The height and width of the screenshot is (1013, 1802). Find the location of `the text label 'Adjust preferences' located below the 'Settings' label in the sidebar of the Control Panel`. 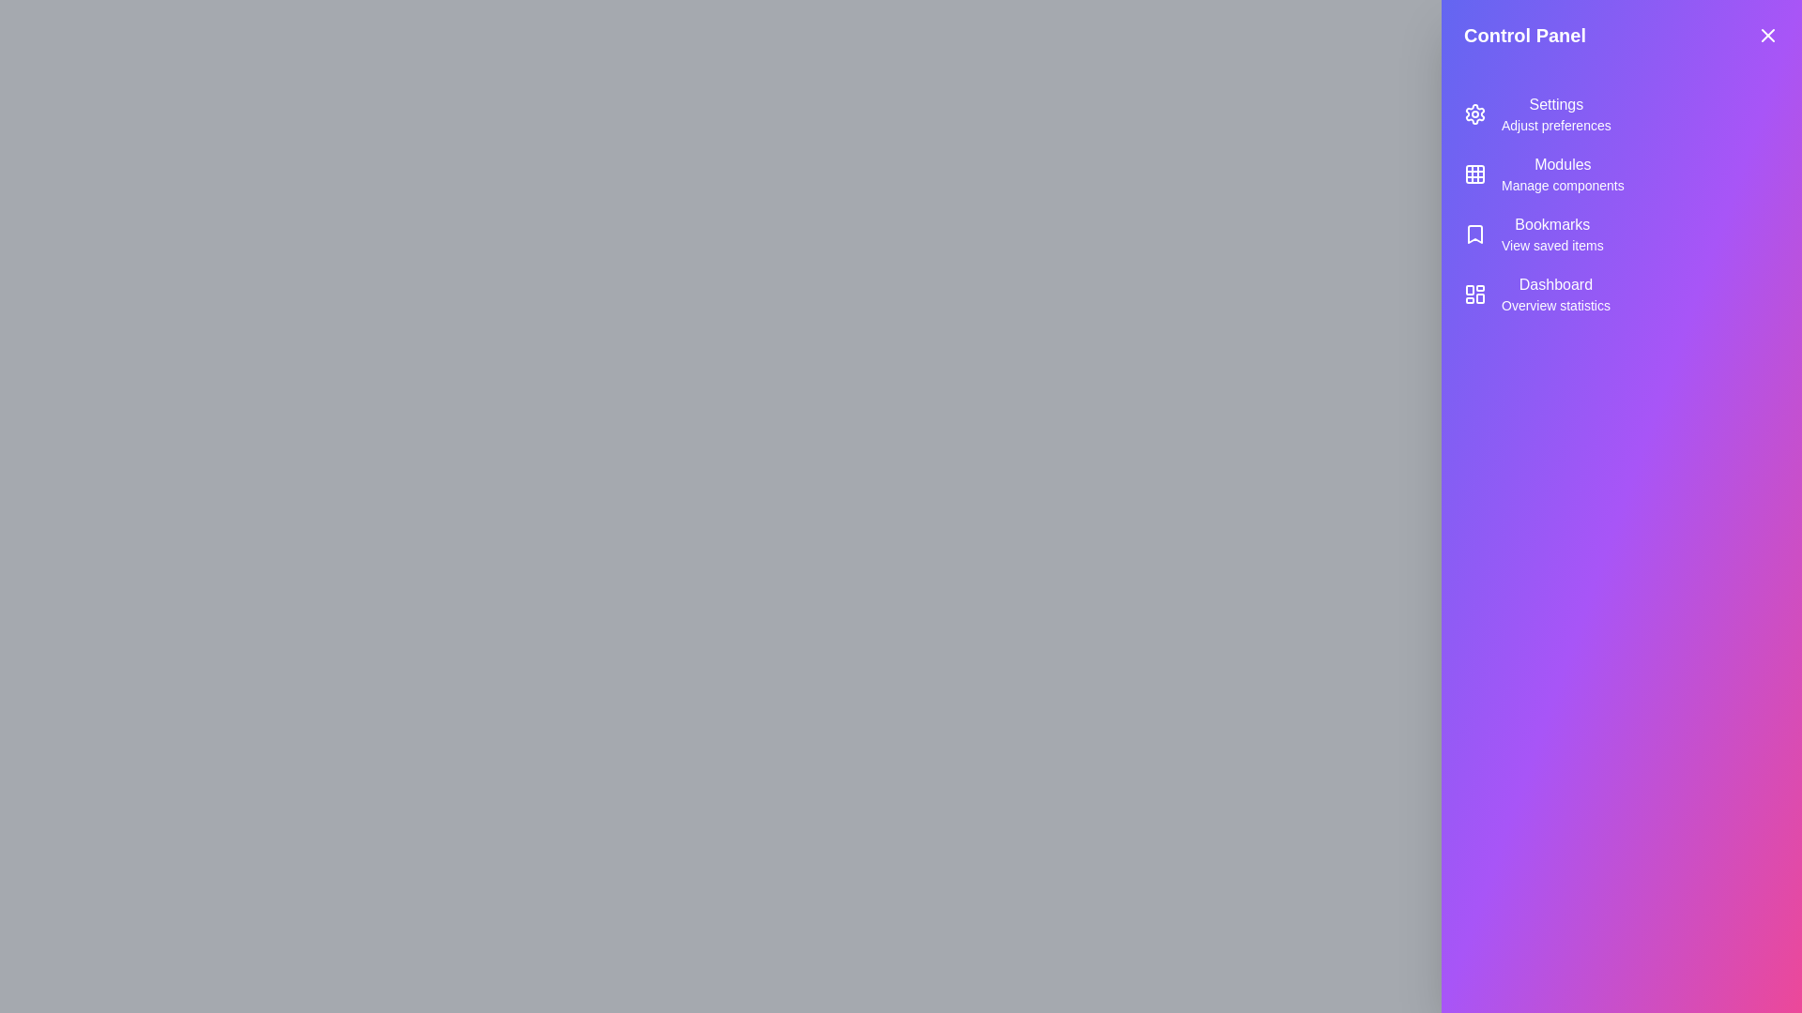

the text label 'Adjust preferences' located below the 'Settings' label in the sidebar of the Control Panel is located at coordinates (1556, 126).